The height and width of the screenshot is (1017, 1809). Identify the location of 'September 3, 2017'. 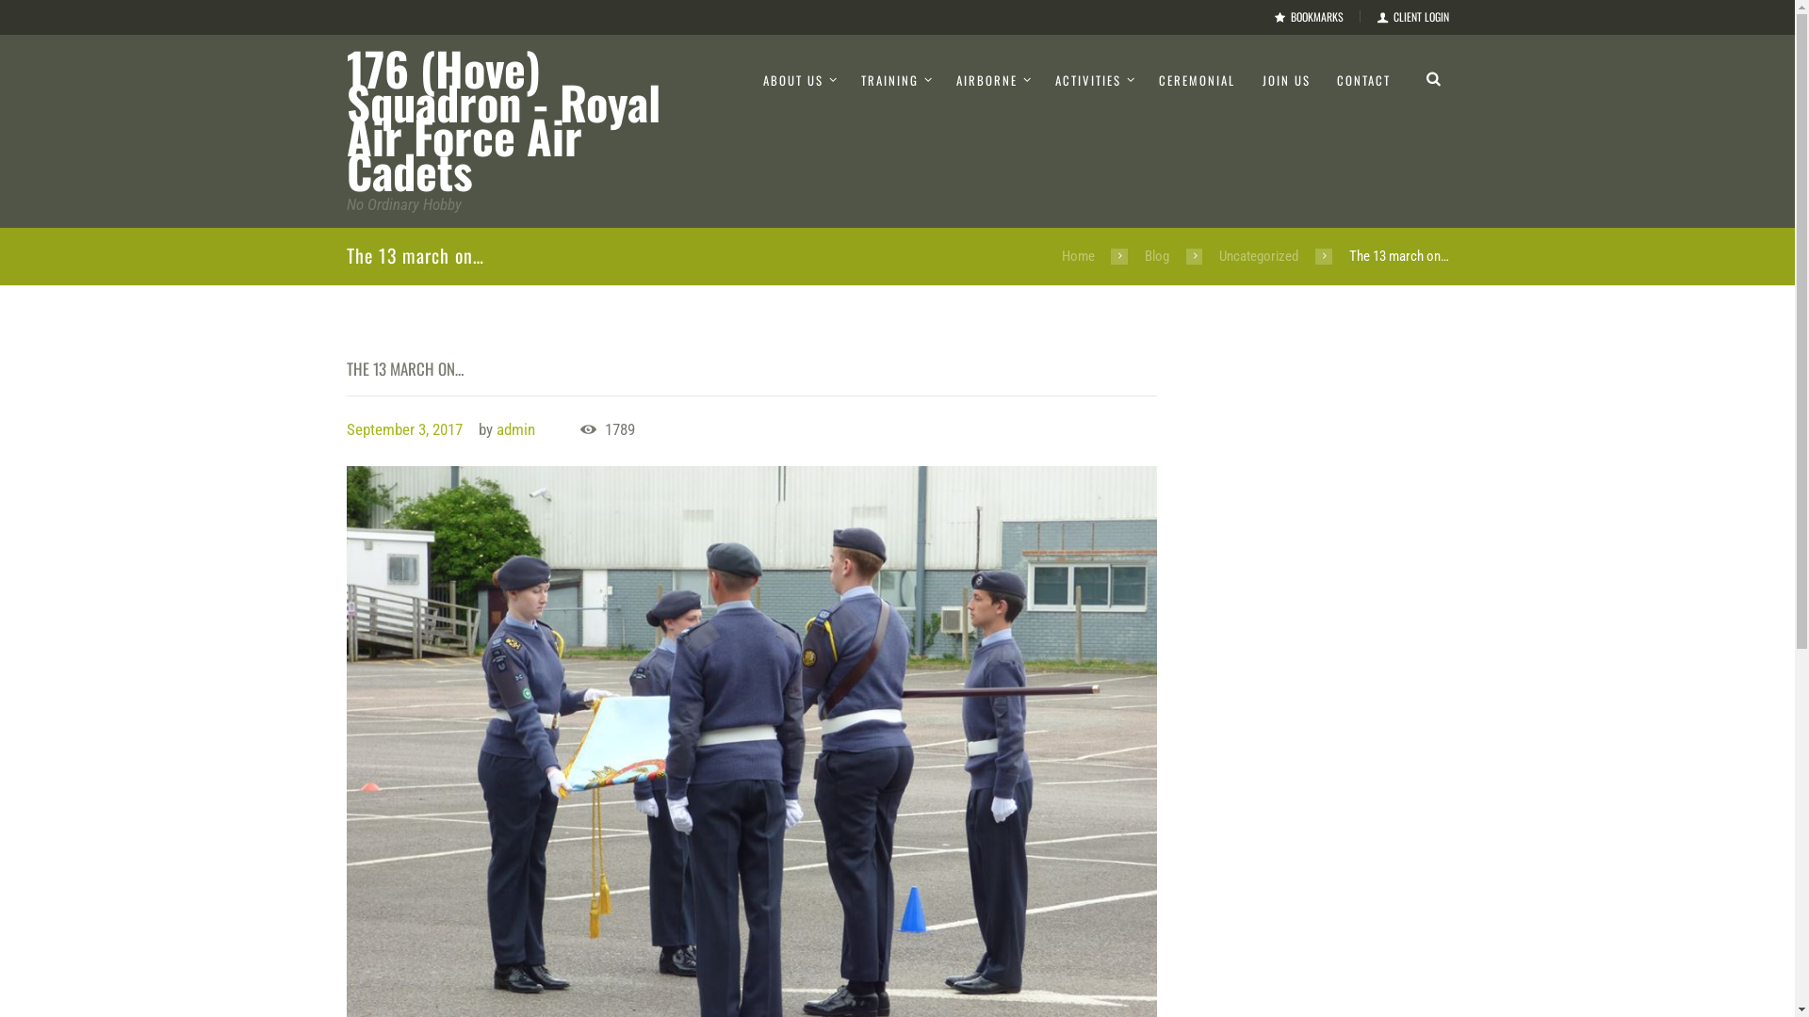
(403, 428).